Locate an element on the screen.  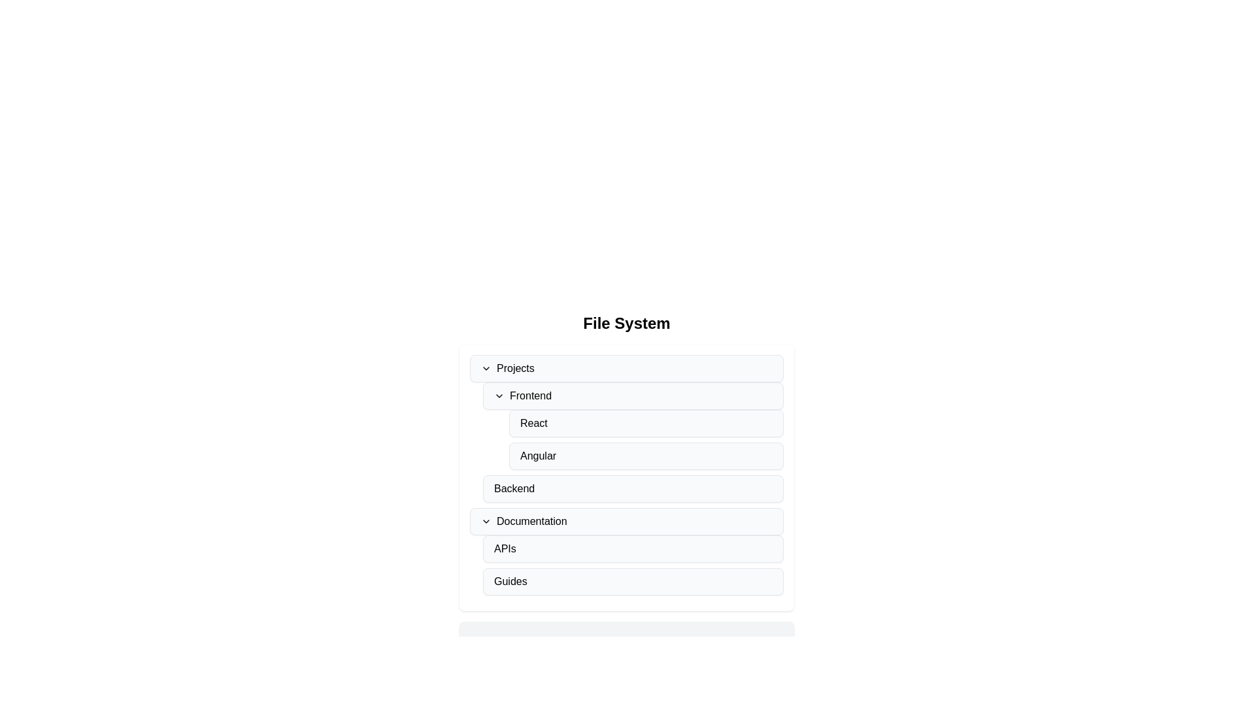
the dropdown icon located to the left of the 'Projects' text is located at coordinates (486, 368).